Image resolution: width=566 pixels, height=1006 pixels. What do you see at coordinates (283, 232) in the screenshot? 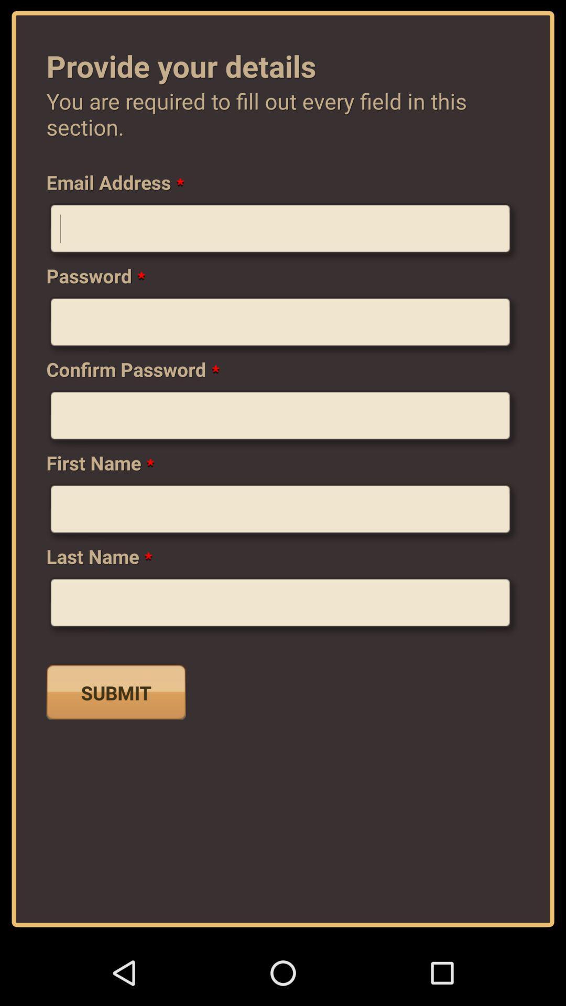
I see `email address` at bounding box center [283, 232].